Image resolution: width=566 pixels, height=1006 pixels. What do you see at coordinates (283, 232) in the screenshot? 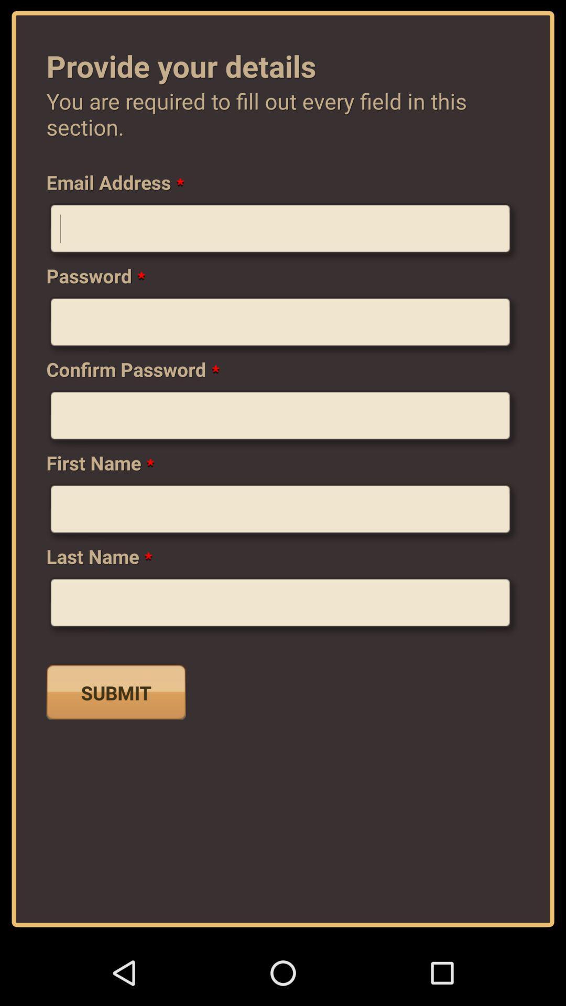
I see `email address` at bounding box center [283, 232].